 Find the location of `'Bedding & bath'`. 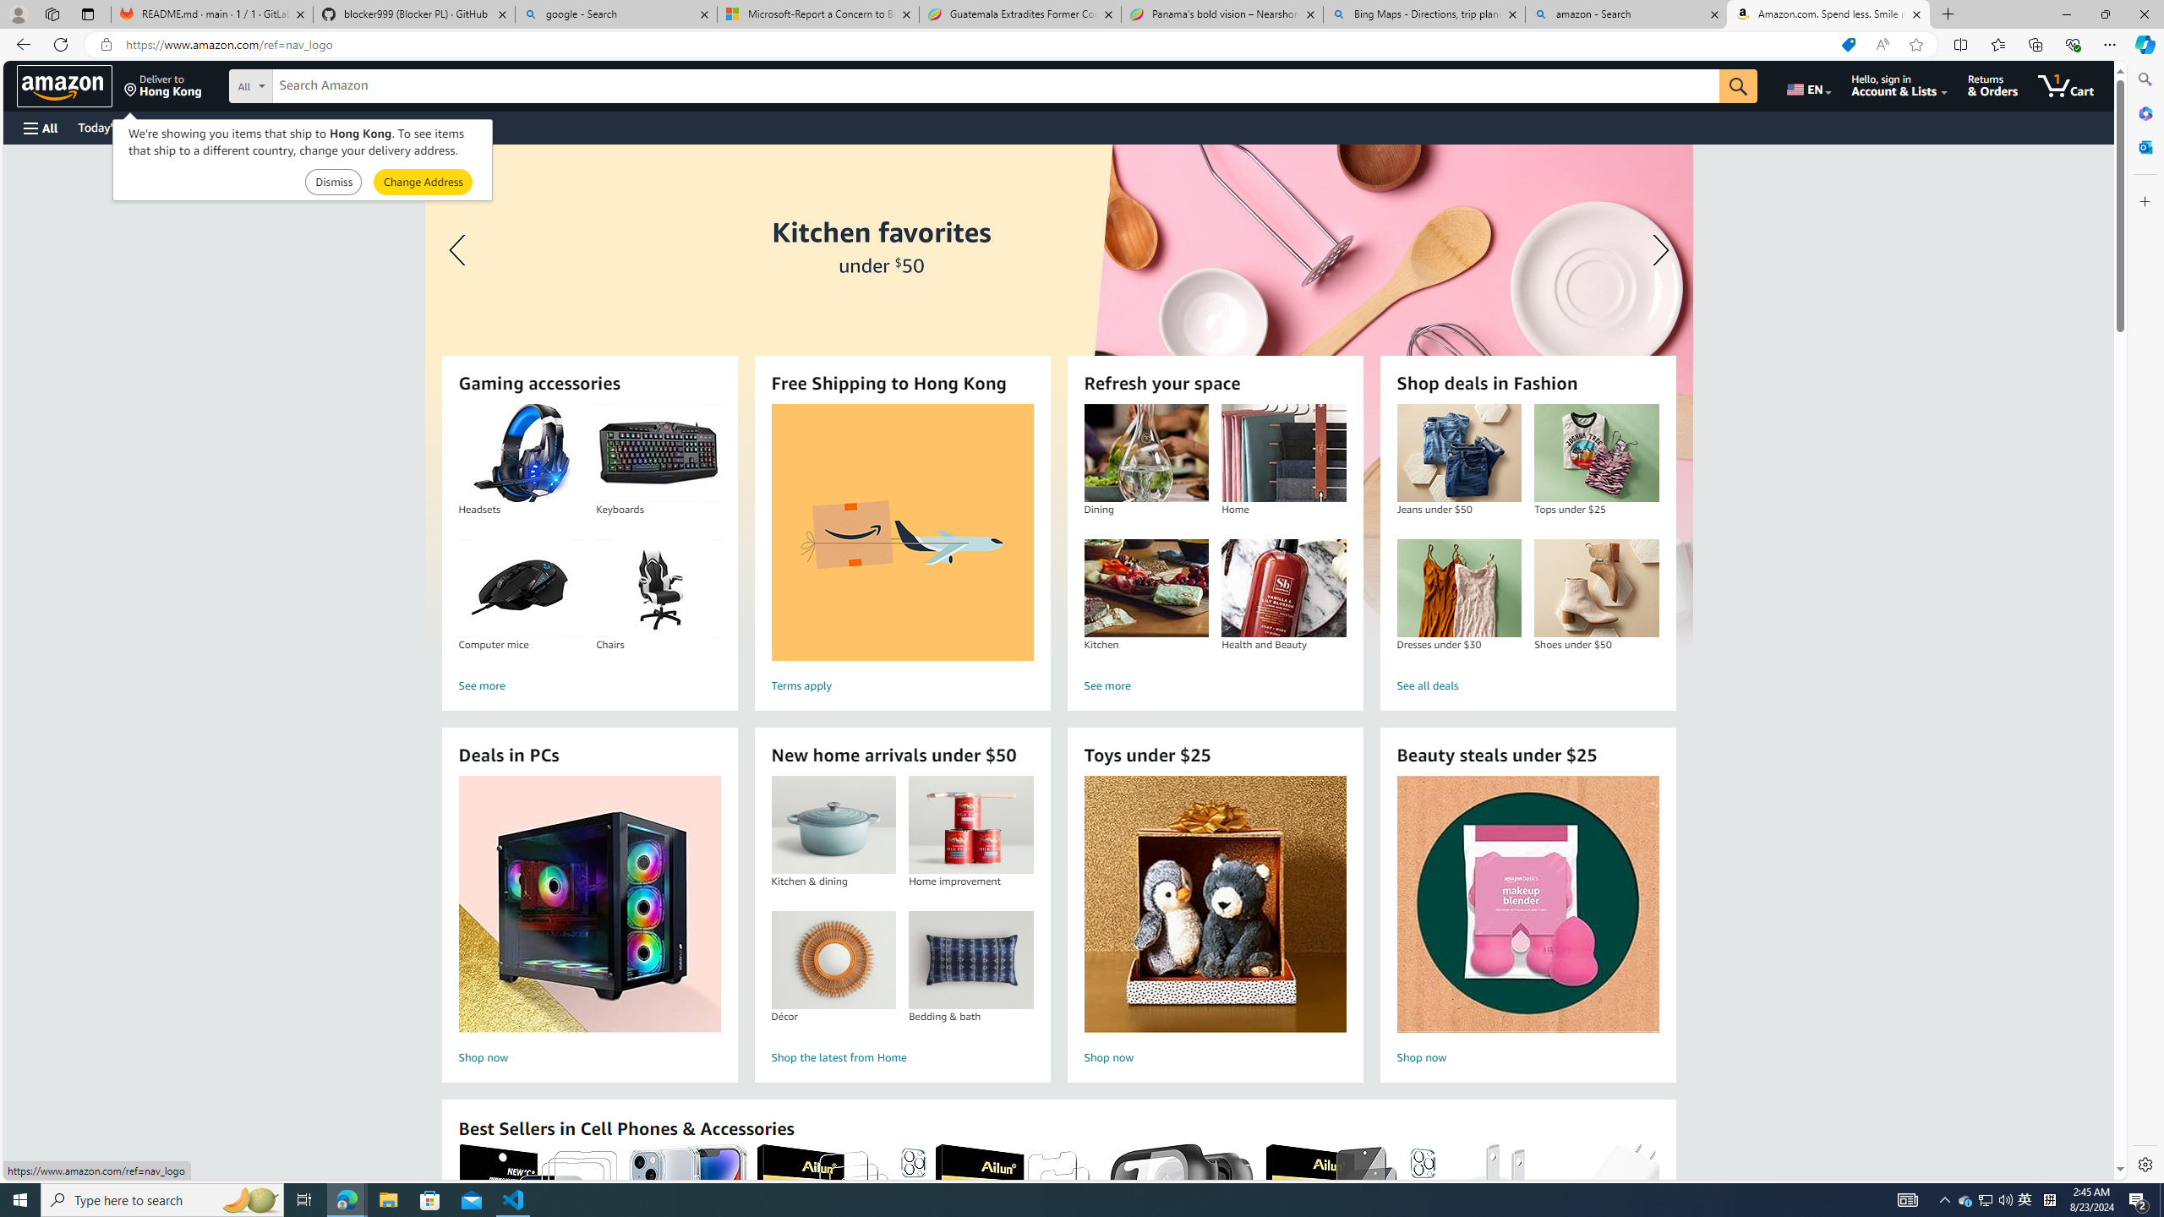

'Bedding & bath' is located at coordinates (971, 959).